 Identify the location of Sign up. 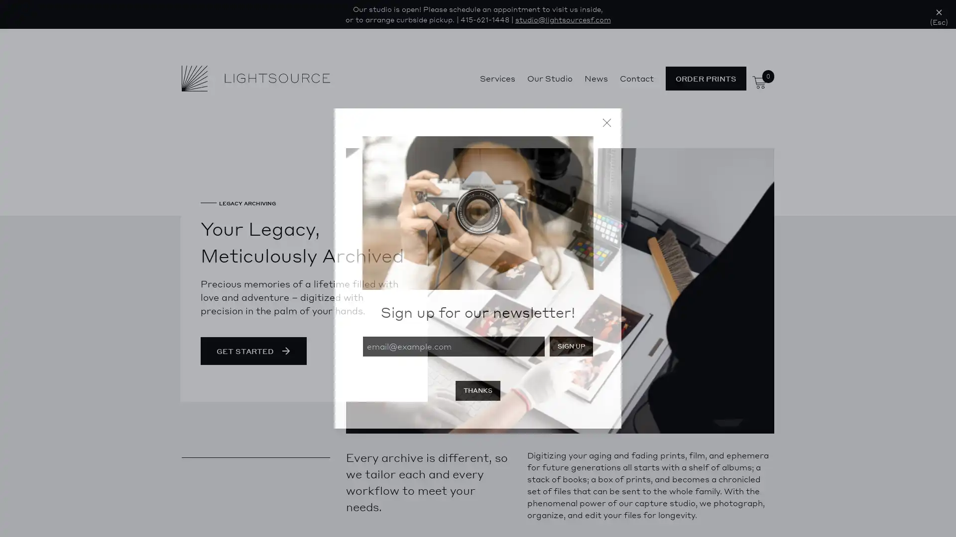
(571, 346).